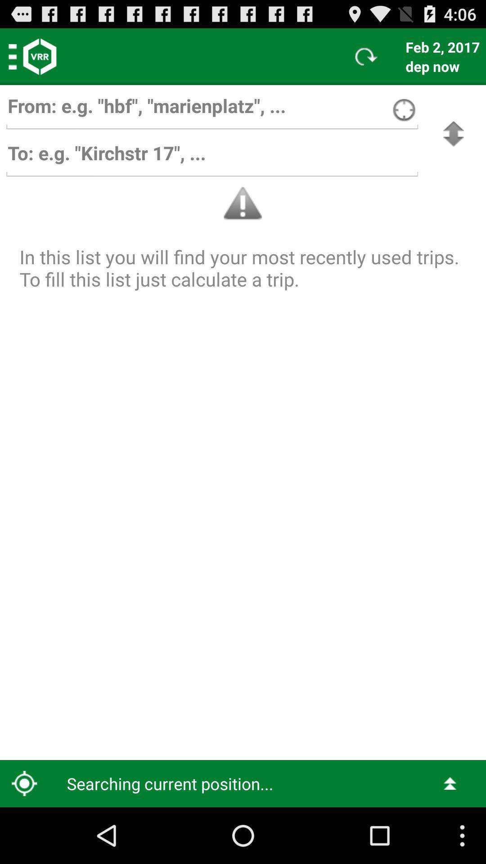 The height and width of the screenshot is (864, 486). Describe the element at coordinates (366, 56) in the screenshot. I see `refresh icon at top` at that location.